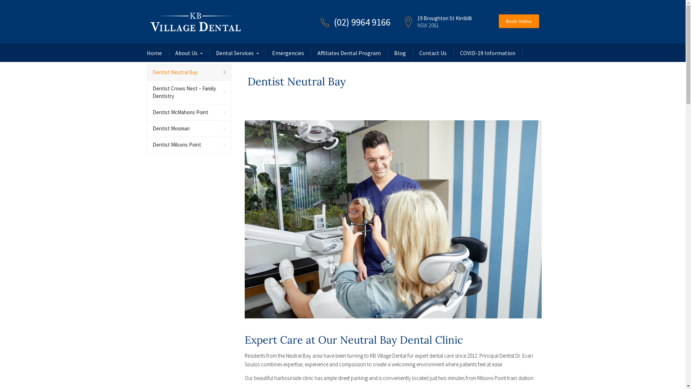 The width and height of the screenshot is (691, 389). What do you see at coordinates (189, 112) in the screenshot?
I see `'Dentist McMahons Point'` at bounding box center [189, 112].